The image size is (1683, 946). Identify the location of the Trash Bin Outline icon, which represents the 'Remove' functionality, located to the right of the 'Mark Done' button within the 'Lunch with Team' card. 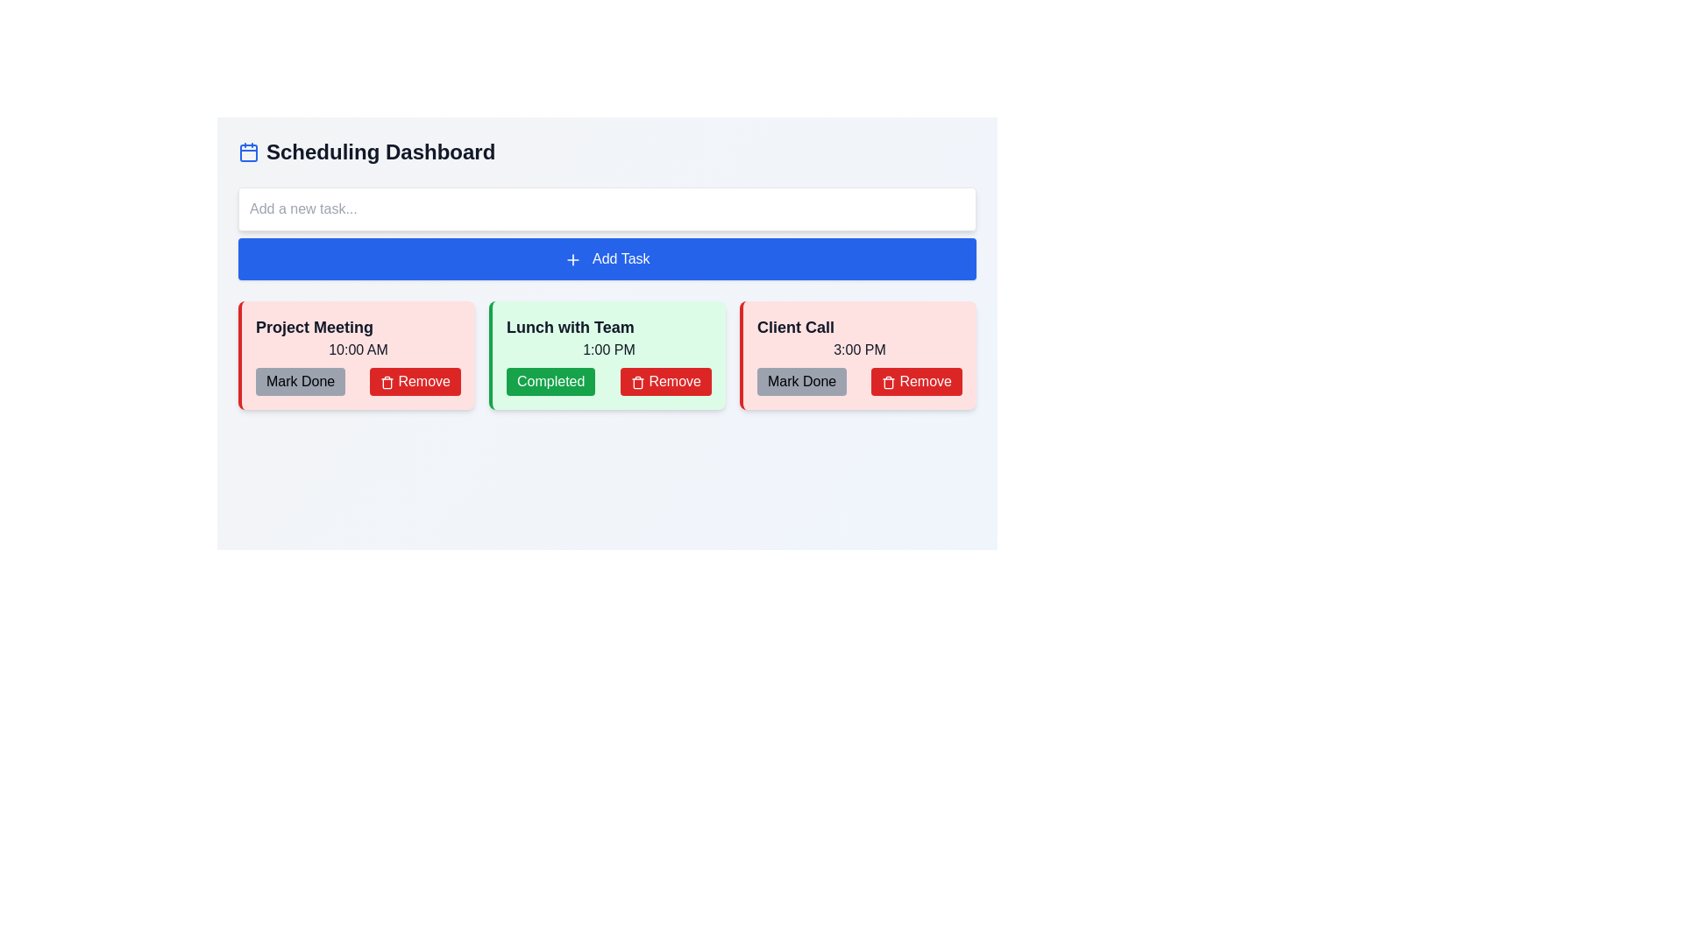
(386, 383).